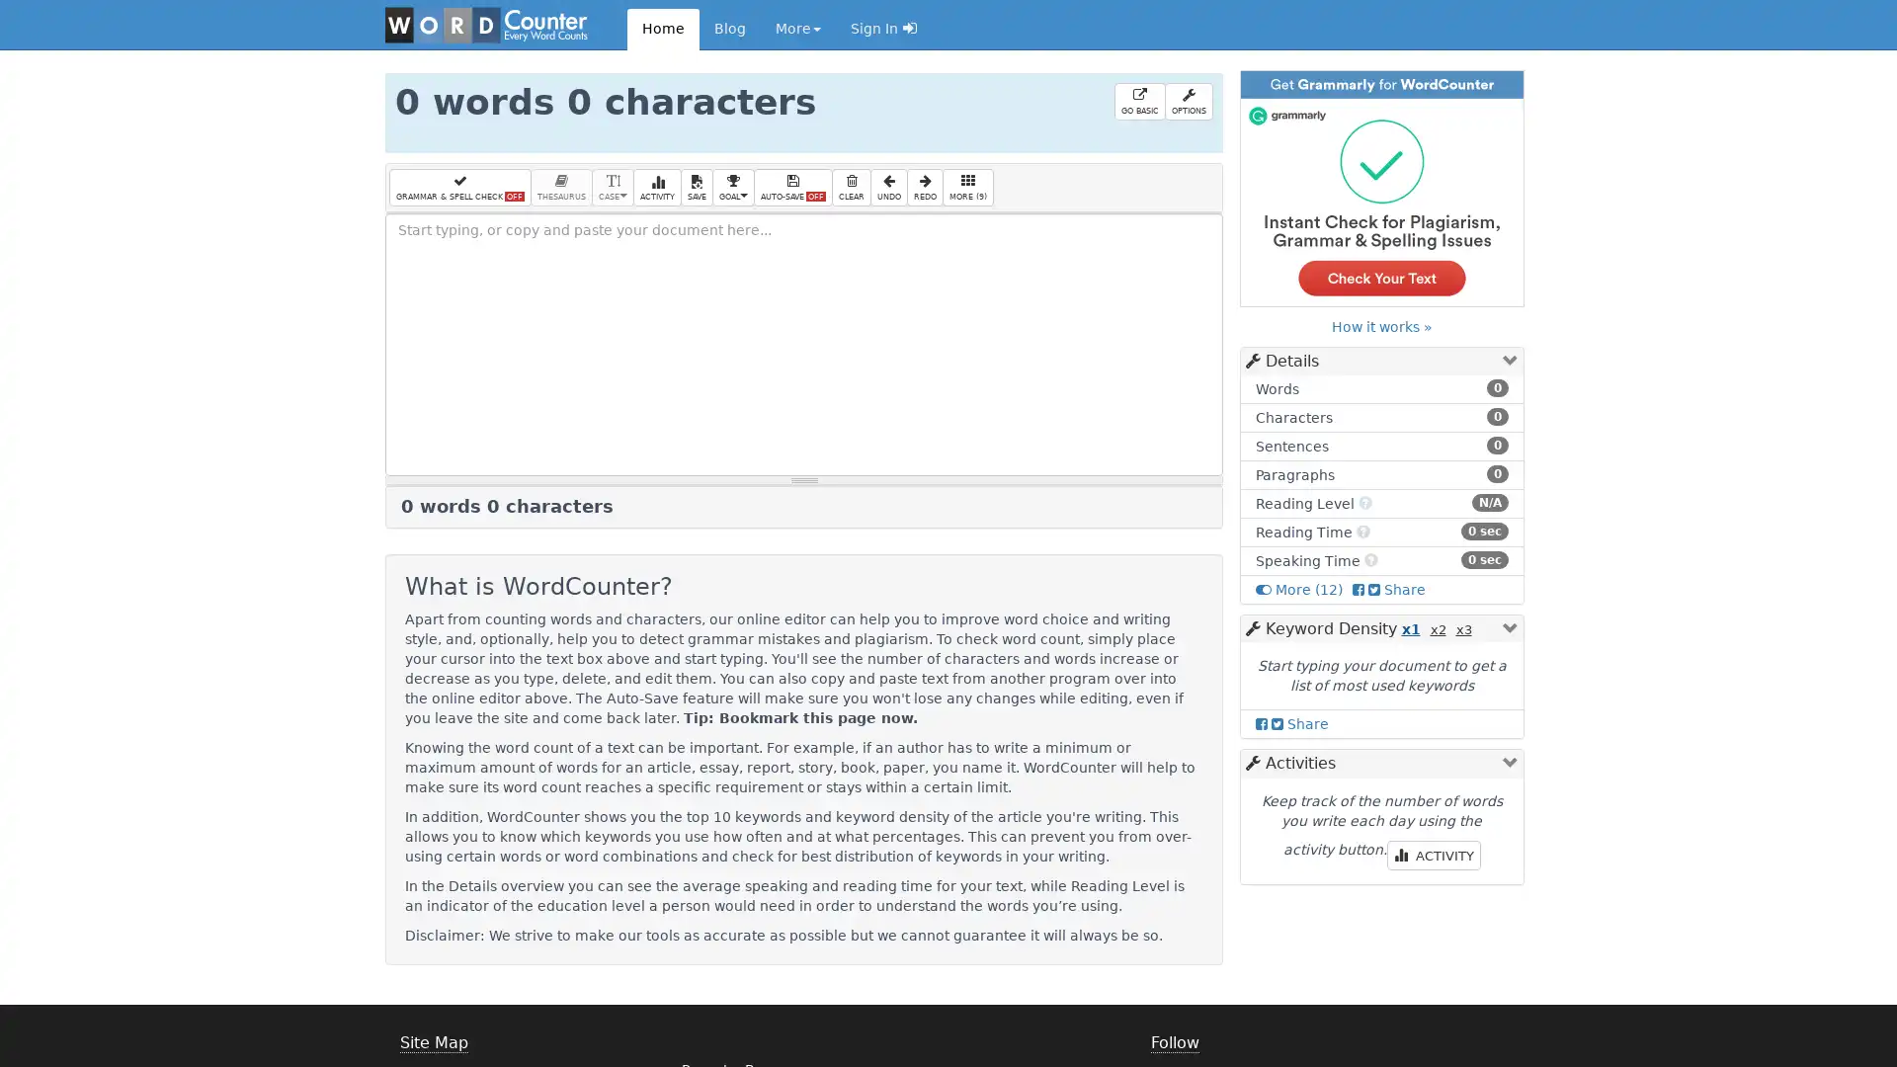 The height and width of the screenshot is (1067, 1897). Describe the element at coordinates (560, 187) in the screenshot. I see `THESAURUS` at that location.